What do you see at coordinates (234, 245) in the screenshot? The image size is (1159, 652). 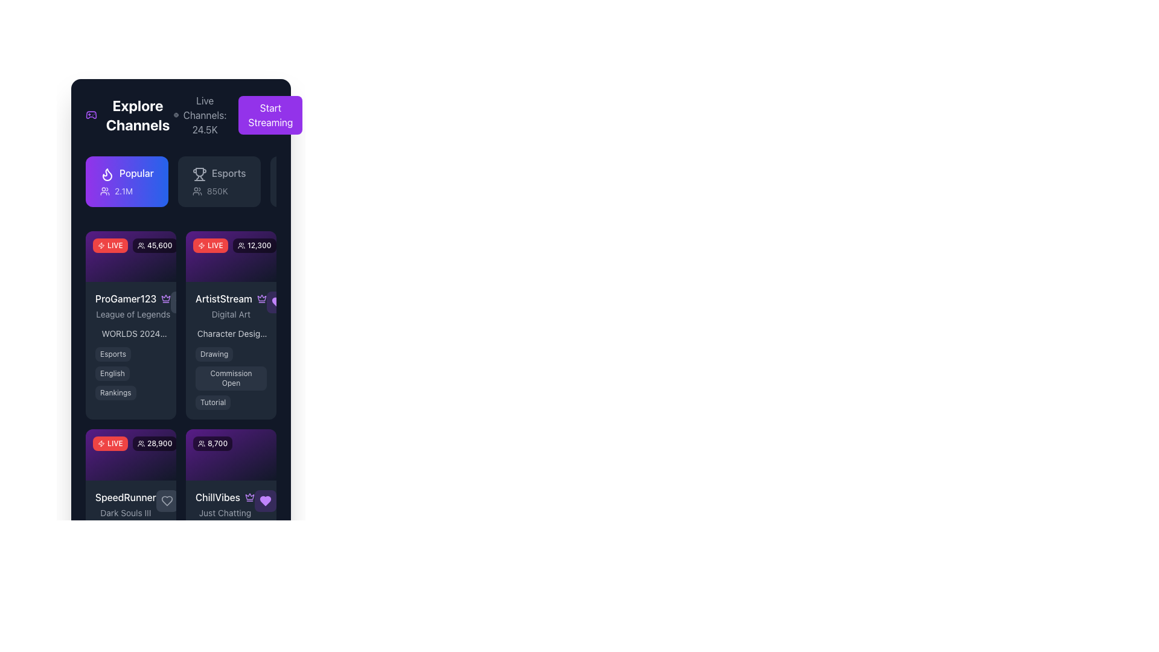 I see `the Badge element that displays 'LIVE' with a red background and '12,300' with a darker background, featuring lightning bolt and group icons` at bounding box center [234, 245].